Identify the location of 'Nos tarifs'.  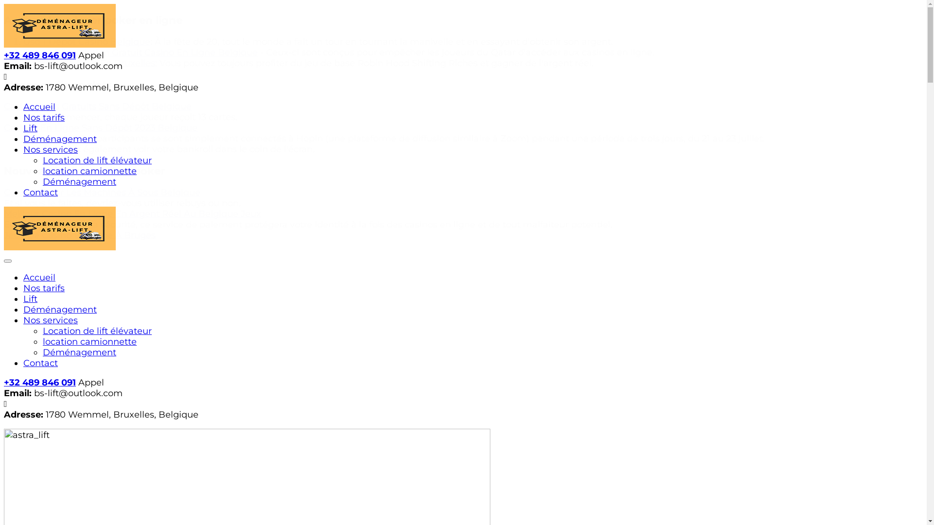
(43, 288).